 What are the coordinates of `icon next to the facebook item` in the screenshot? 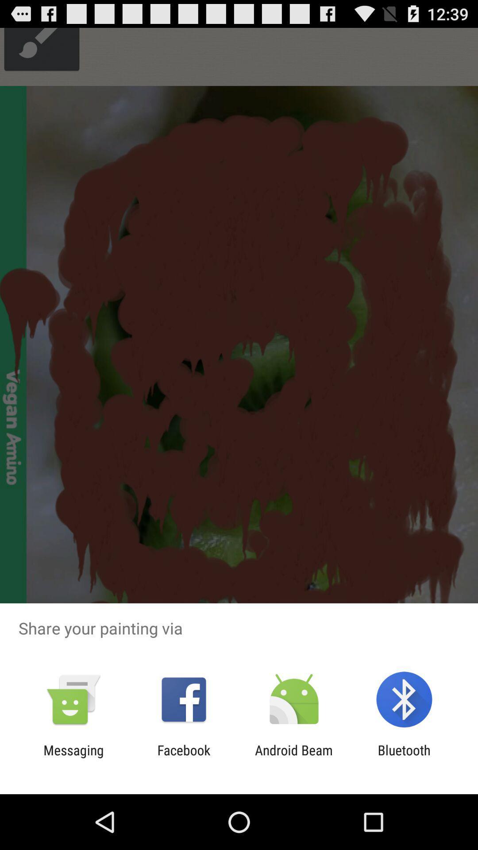 It's located at (294, 757).